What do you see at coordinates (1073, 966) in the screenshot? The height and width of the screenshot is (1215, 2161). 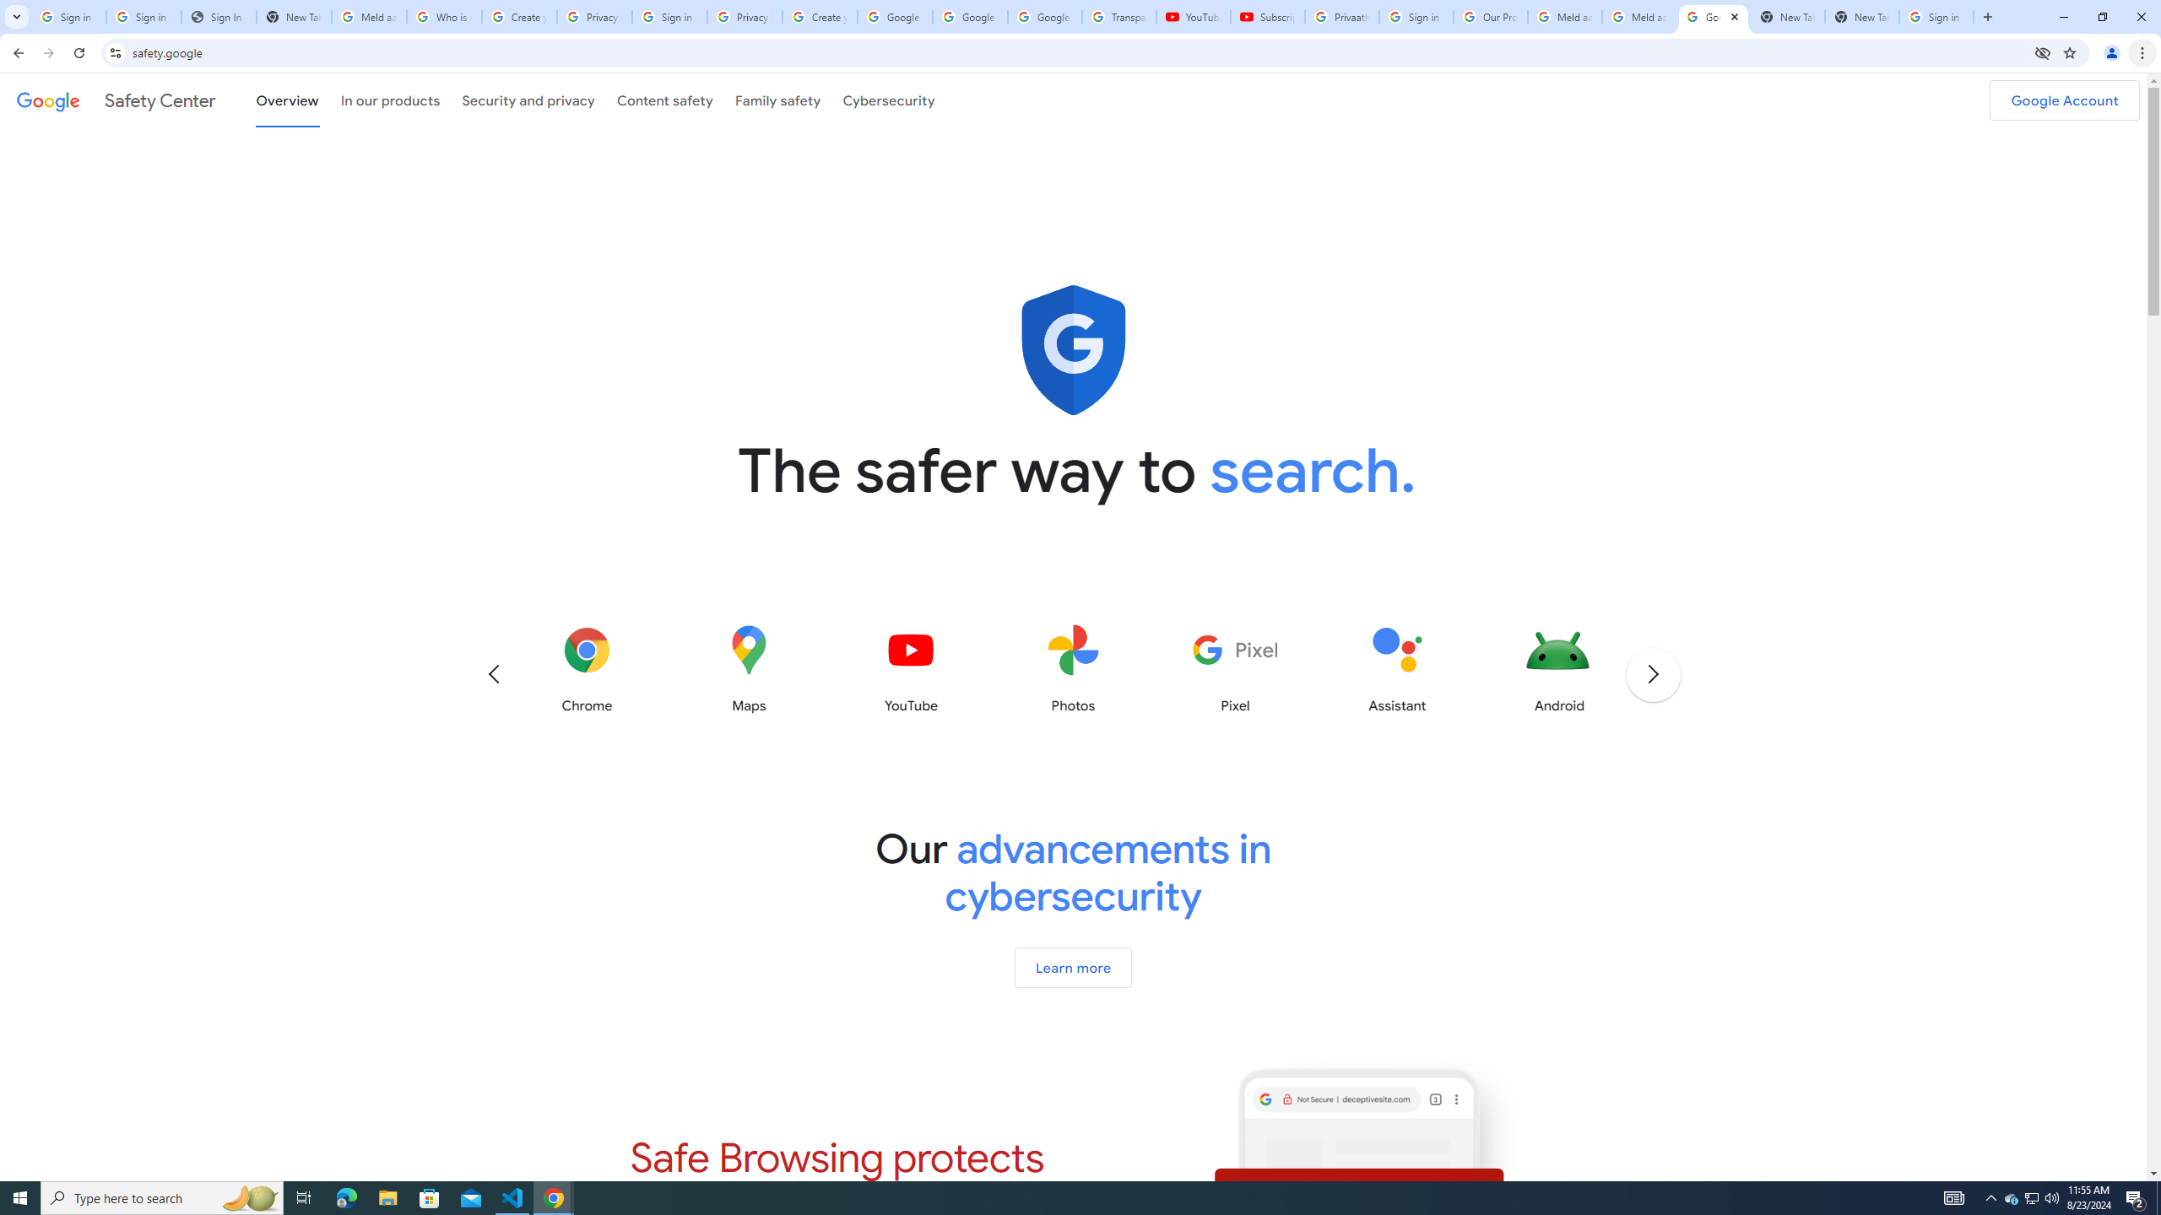 I see `'Learn more'` at bounding box center [1073, 966].